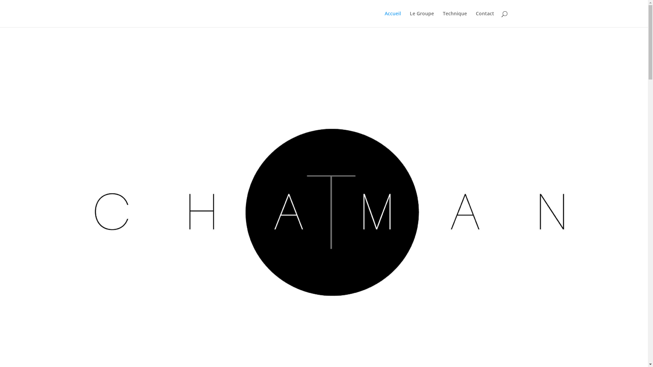  What do you see at coordinates (409, 19) in the screenshot?
I see `'Le Groupe'` at bounding box center [409, 19].